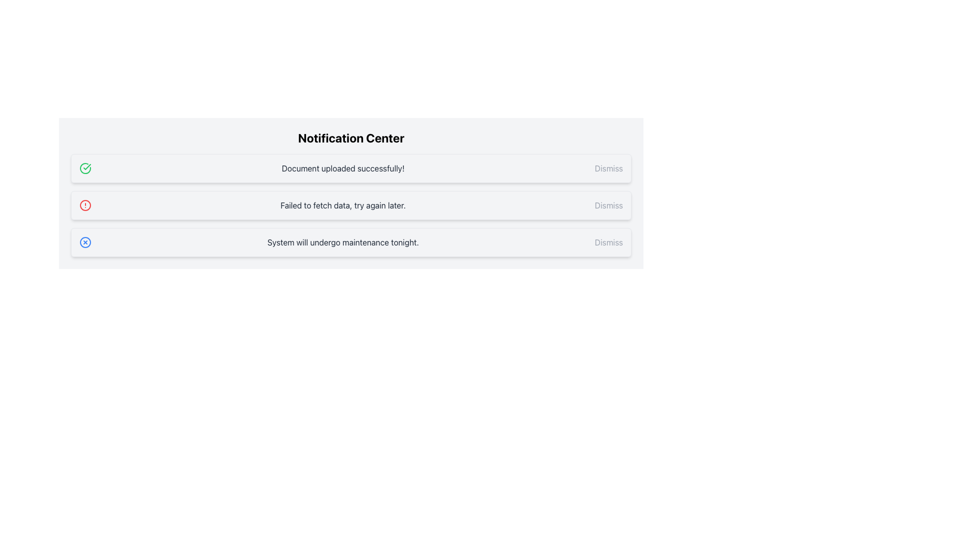  What do you see at coordinates (343, 205) in the screenshot?
I see `text message displayed in the gray font stating 'Failed to fetch data, try again later.' which is located in the notification panel` at bounding box center [343, 205].